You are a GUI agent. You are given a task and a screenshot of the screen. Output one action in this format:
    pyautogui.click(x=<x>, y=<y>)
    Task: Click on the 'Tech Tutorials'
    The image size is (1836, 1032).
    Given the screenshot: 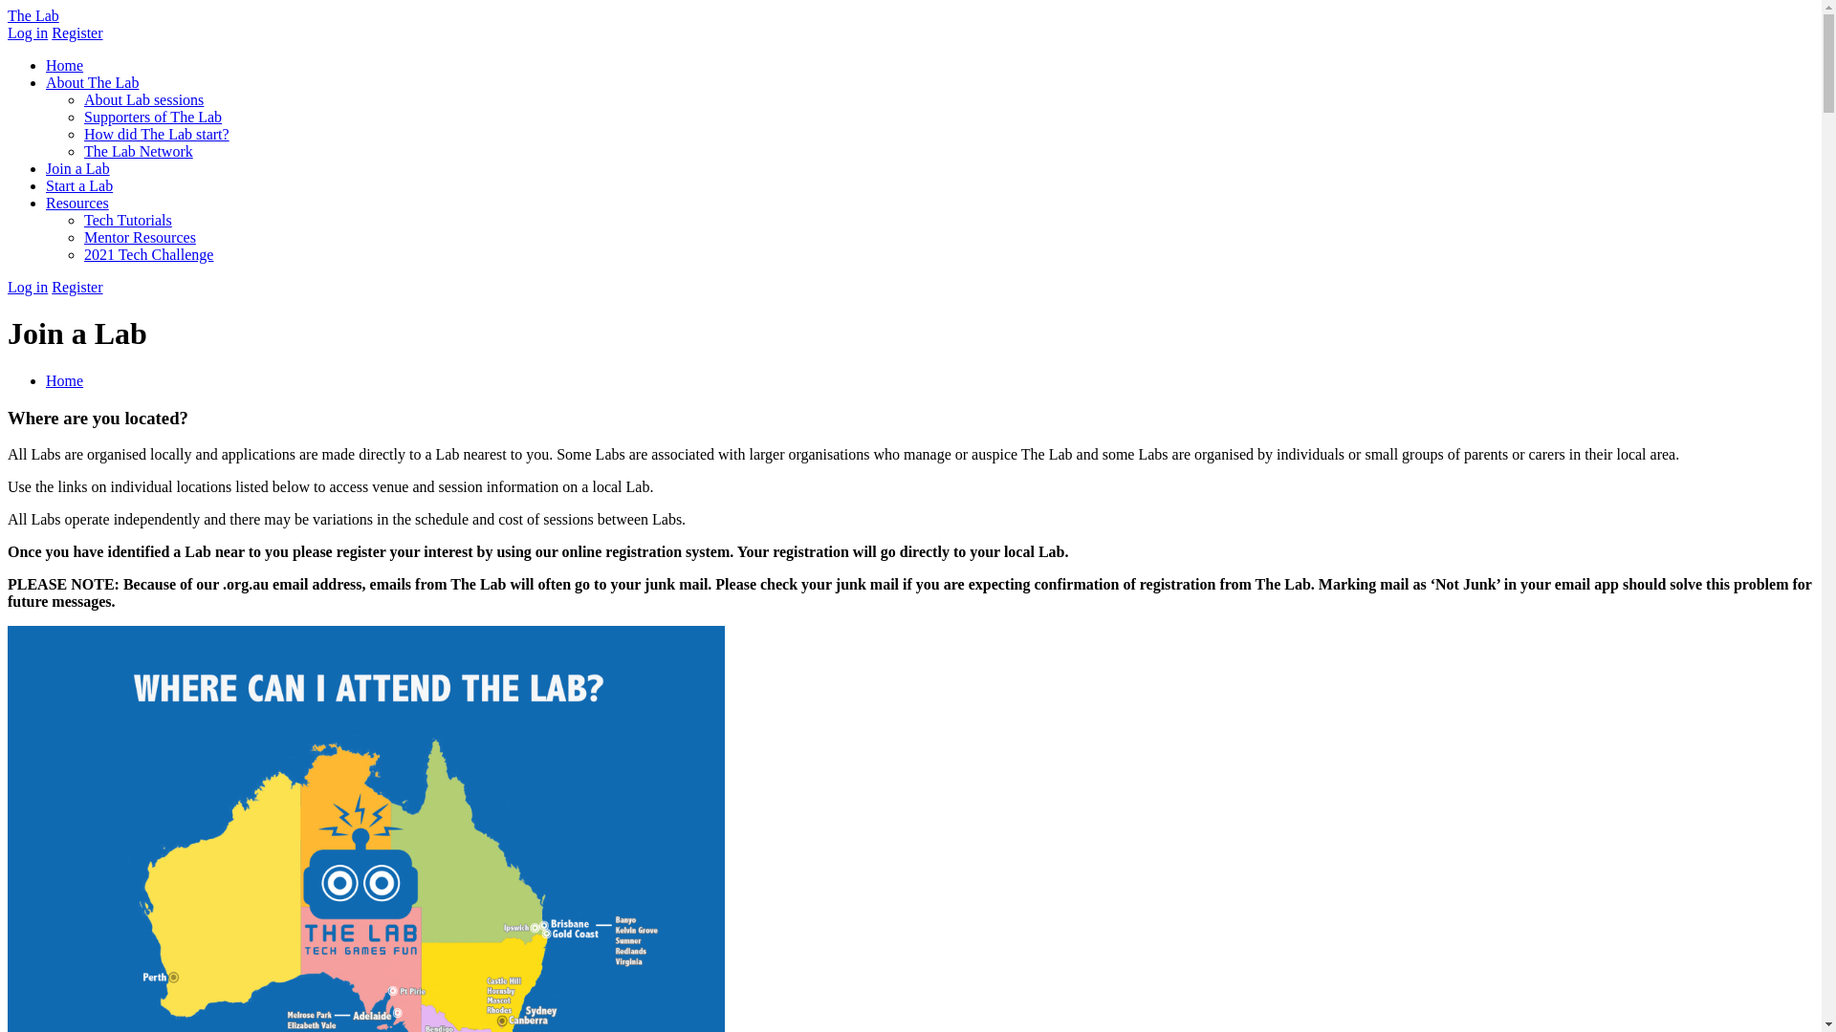 What is the action you would take?
    pyautogui.click(x=127, y=219)
    